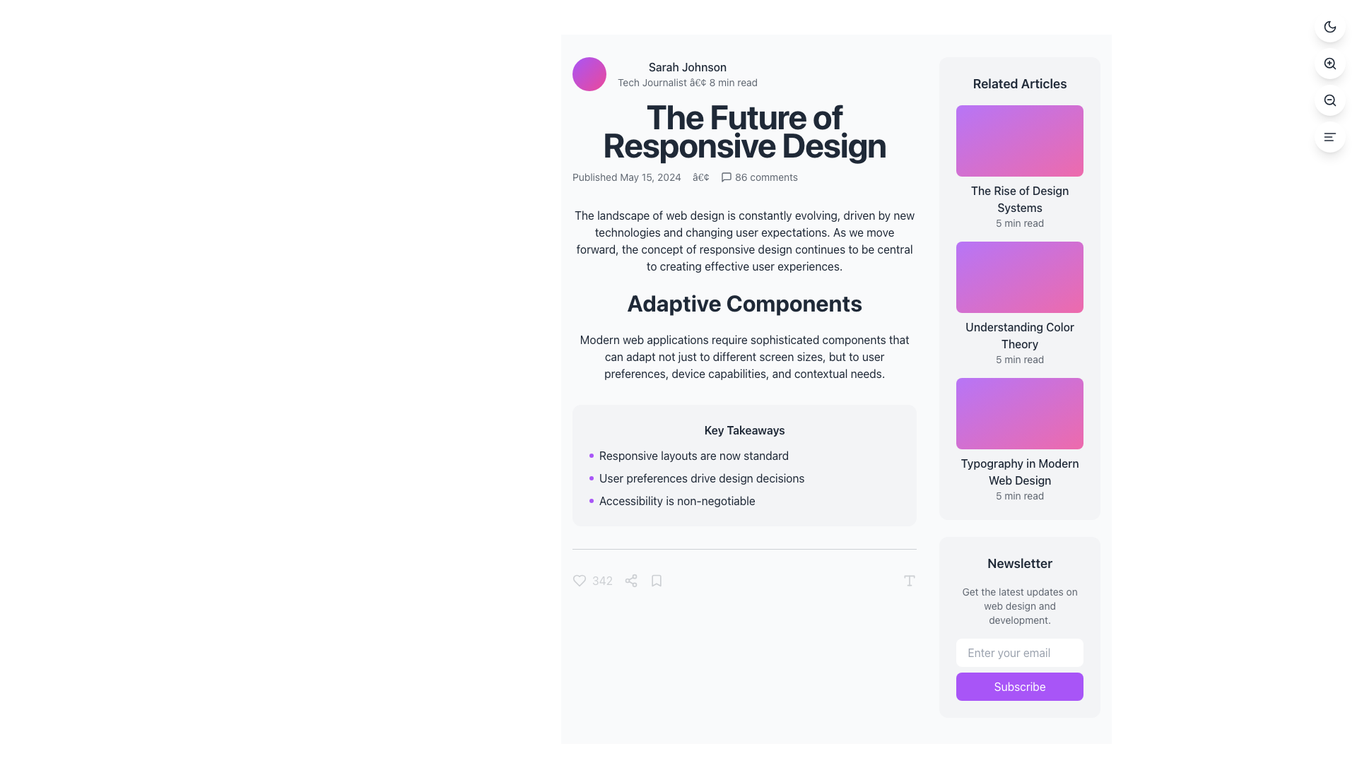 This screenshot has height=763, width=1357. Describe the element at coordinates (744, 478) in the screenshot. I see `the text block stating 'User preferences drive design decisions' with a purple dot to its left, which is the second item in the 'Key Takeaways' section` at that location.